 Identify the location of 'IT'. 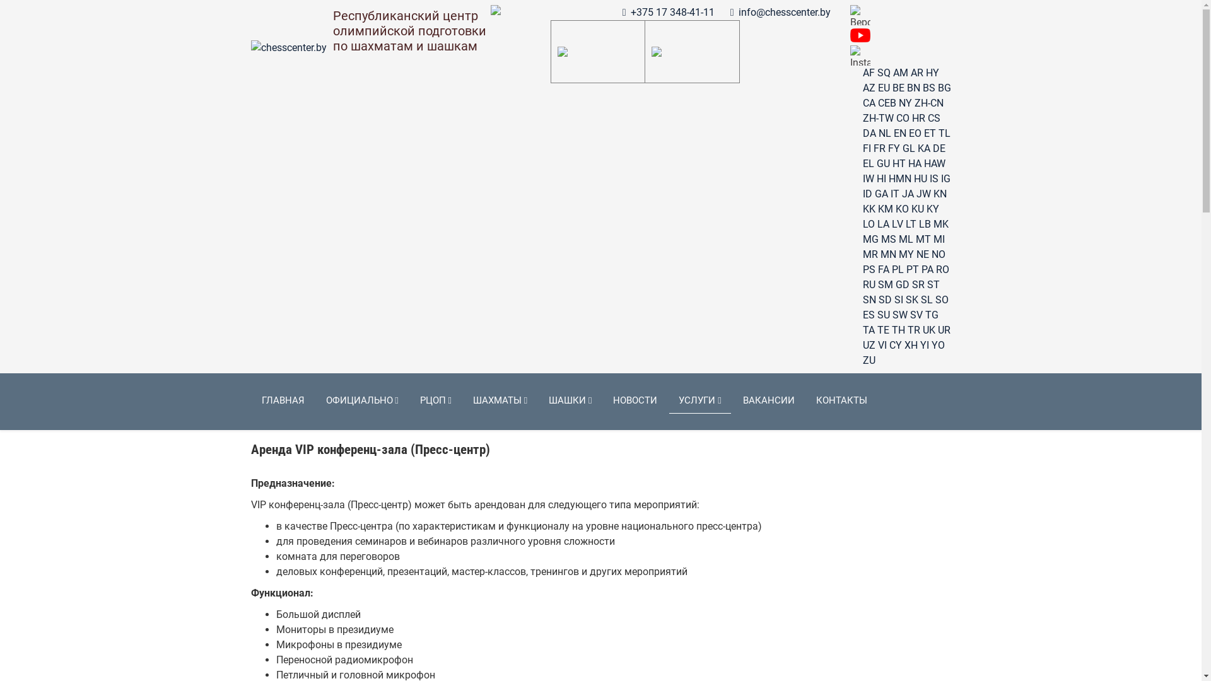
(894, 194).